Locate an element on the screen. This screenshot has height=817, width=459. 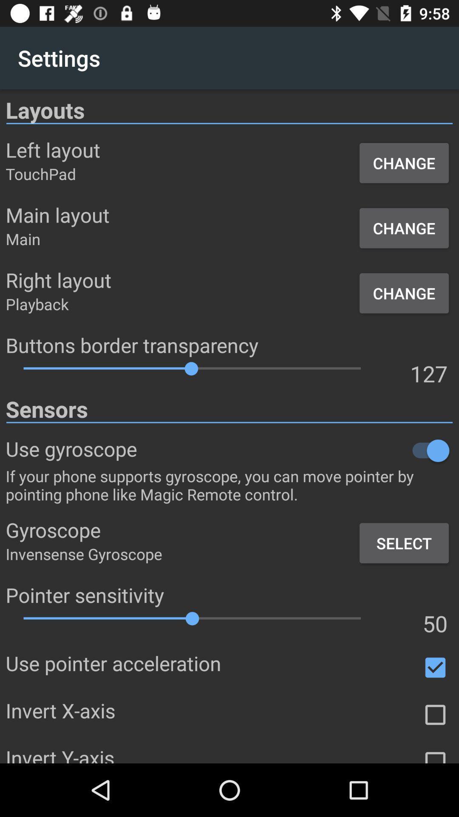
turn of gyroscope is located at coordinates (295, 450).